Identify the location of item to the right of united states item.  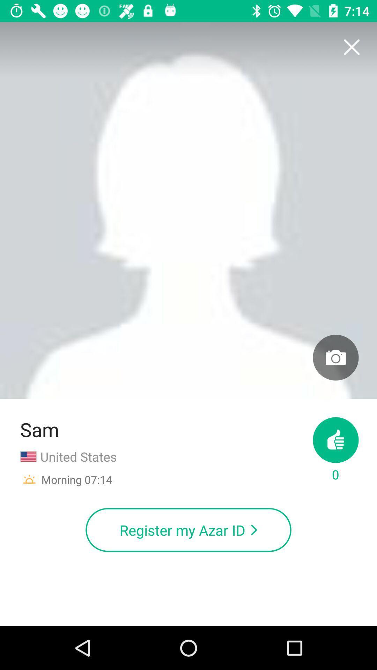
(335, 450).